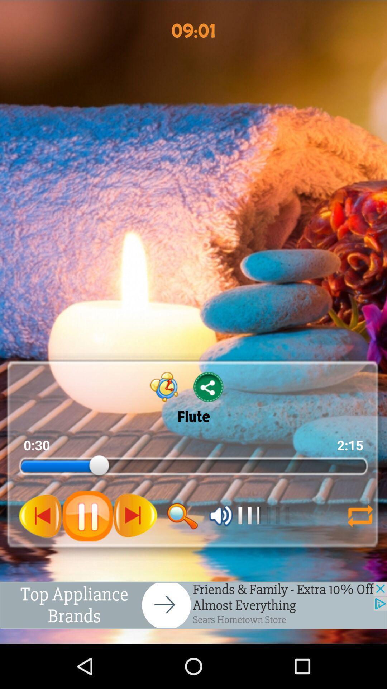 Image resolution: width=387 pixels, height=689 pixels. I want to click on the repeat icon, so click(360, 552).